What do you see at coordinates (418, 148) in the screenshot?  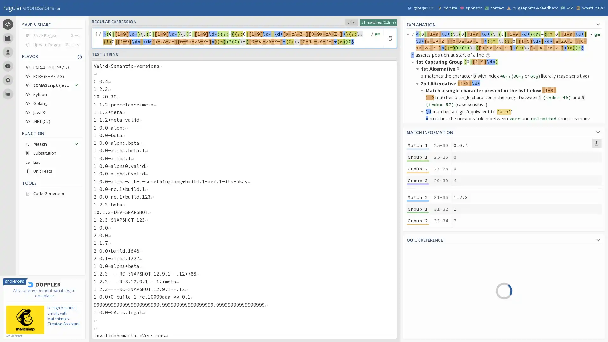 I see `Collapse Subtree` at bounding box center [418, 148].